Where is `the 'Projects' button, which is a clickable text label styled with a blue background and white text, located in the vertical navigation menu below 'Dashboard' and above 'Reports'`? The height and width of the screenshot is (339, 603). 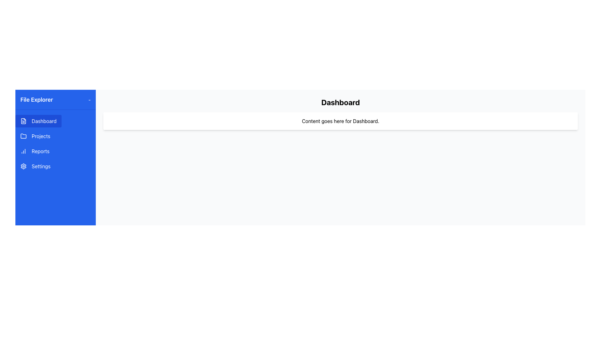
the 'Projects' button, which is a clickable text label styled with a blue background and white text, located in the vertical navigation menu below 'Dashboard' and above 'Reports' is located at coordinates (35, 136).